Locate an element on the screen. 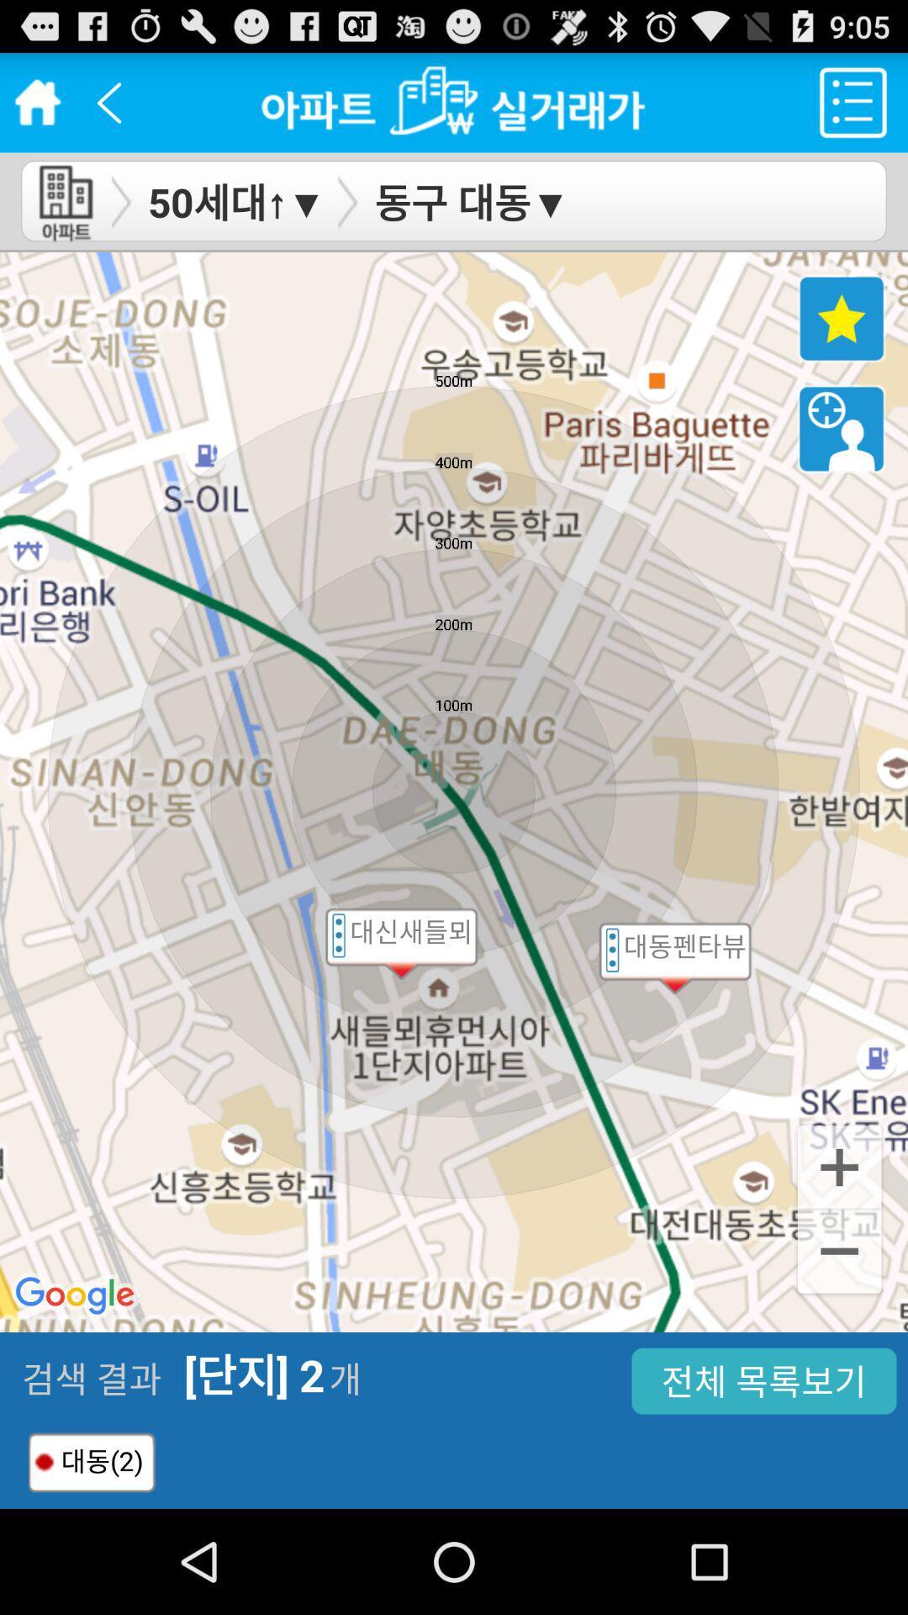 Image resolution: width=908 pixels, height=1615 pixels. the zoom_out icon is located at coordinates (839, 1341).